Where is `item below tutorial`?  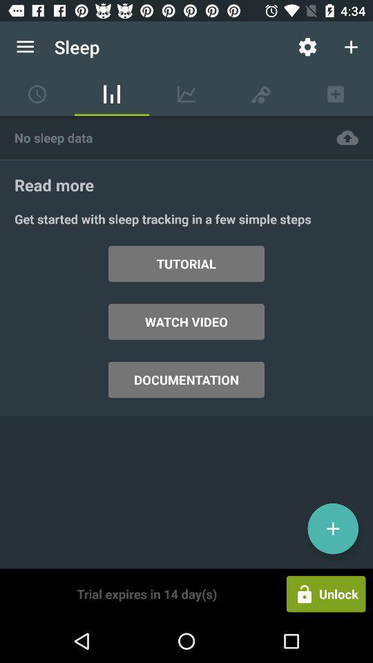 item below tutorial is located at coordinates (186, 322).